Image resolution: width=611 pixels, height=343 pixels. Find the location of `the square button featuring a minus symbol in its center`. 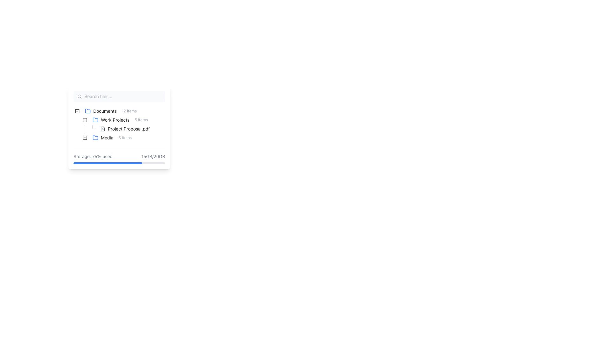

the square button featuring a minus symbol in its center is located at coordinates (85, 120).